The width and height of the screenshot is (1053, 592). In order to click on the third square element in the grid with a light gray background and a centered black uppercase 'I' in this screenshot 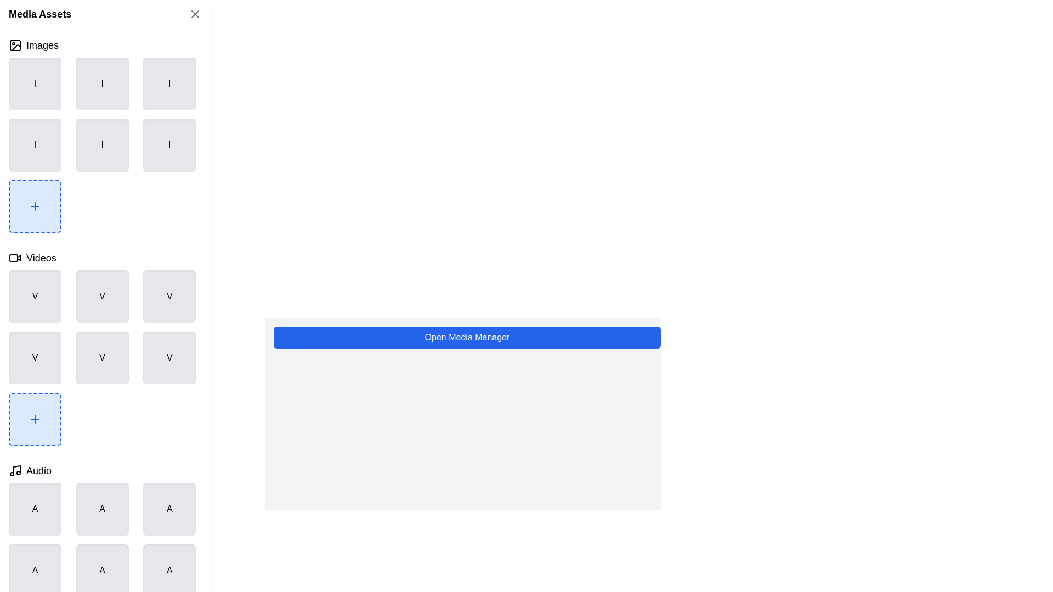, I will do `click(169, 83)`.